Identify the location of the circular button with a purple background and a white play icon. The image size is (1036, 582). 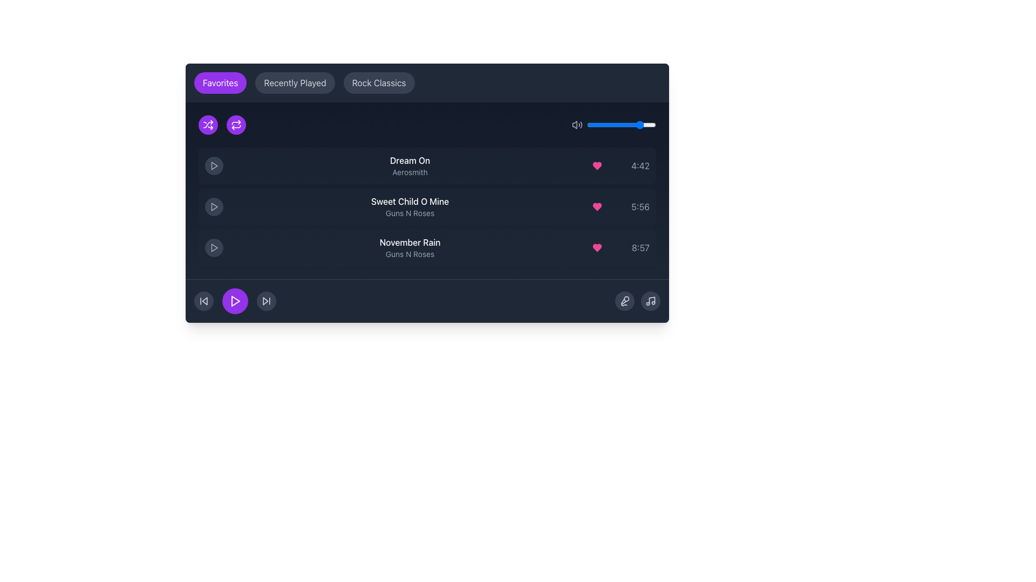
(235, 301).